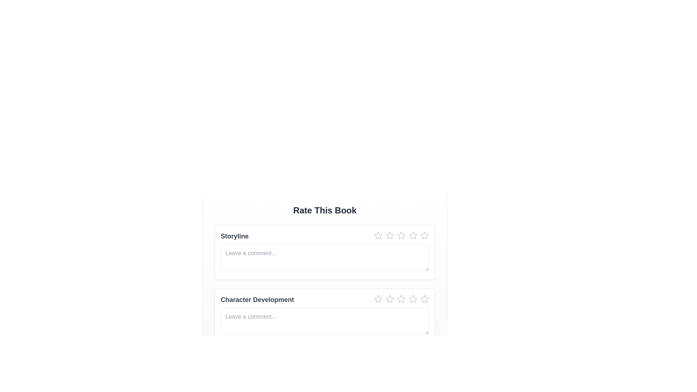 The image size is (697, 392). What do you see at coordinates (425, 235) in the screenshot?
I see `the fifth star-shaped icon button` at bounding box center [425, 235].